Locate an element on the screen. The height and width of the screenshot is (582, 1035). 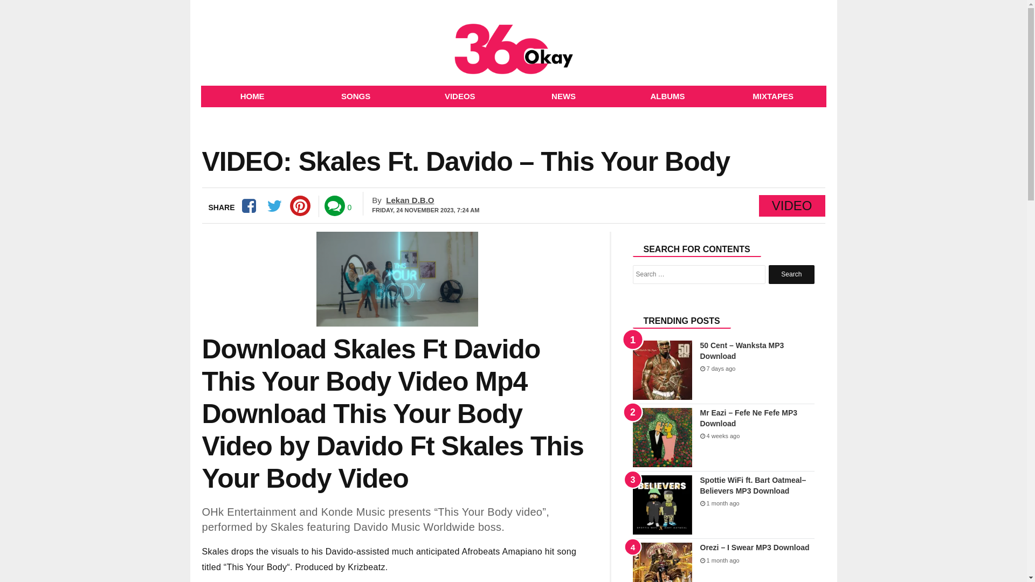
'Search' is located at coordinates (791, 274).